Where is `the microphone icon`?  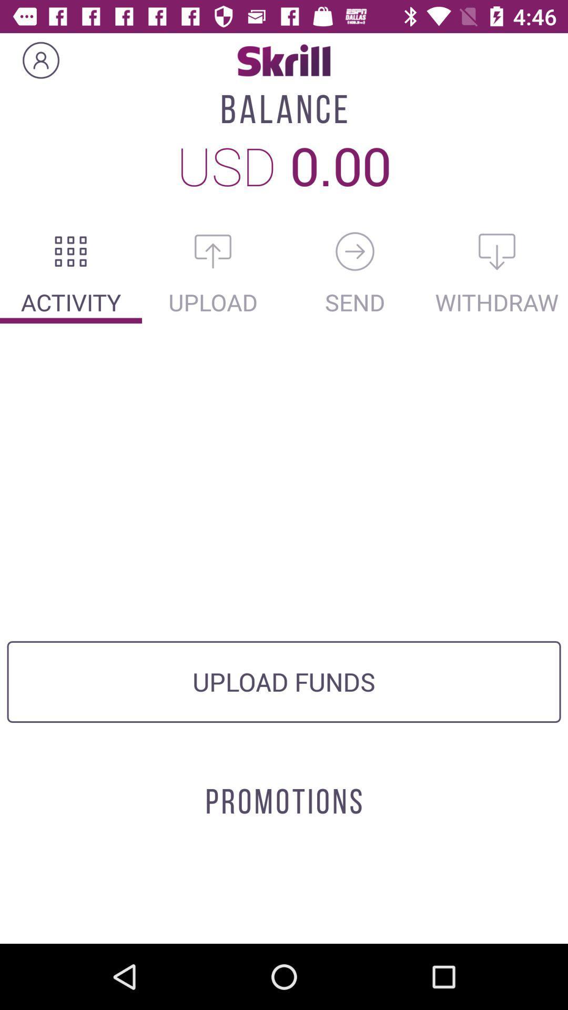
the microphone icon is located at coordinates (497, 251).